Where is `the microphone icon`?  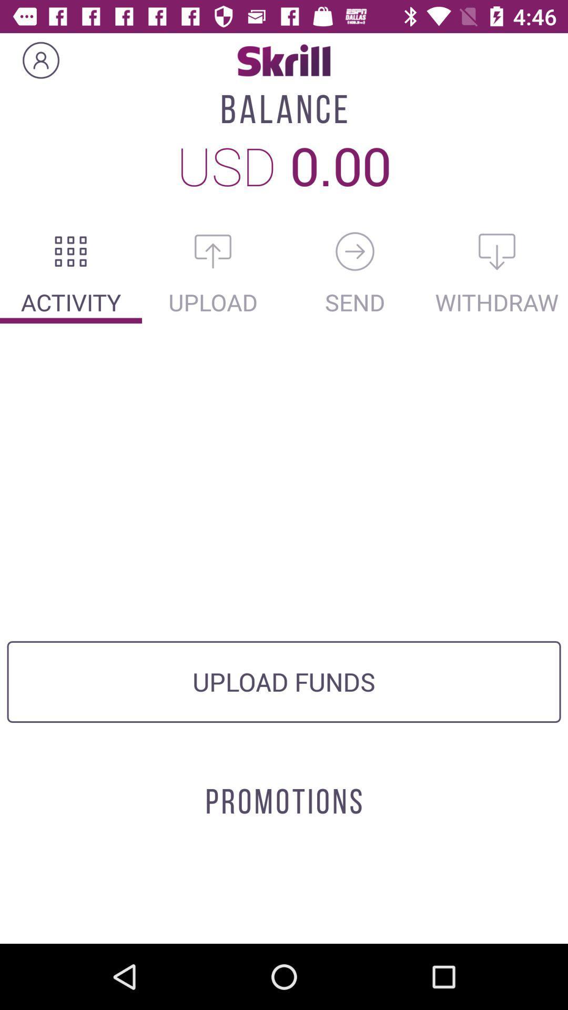
the microphone icon is located at coordinates (497, 251).